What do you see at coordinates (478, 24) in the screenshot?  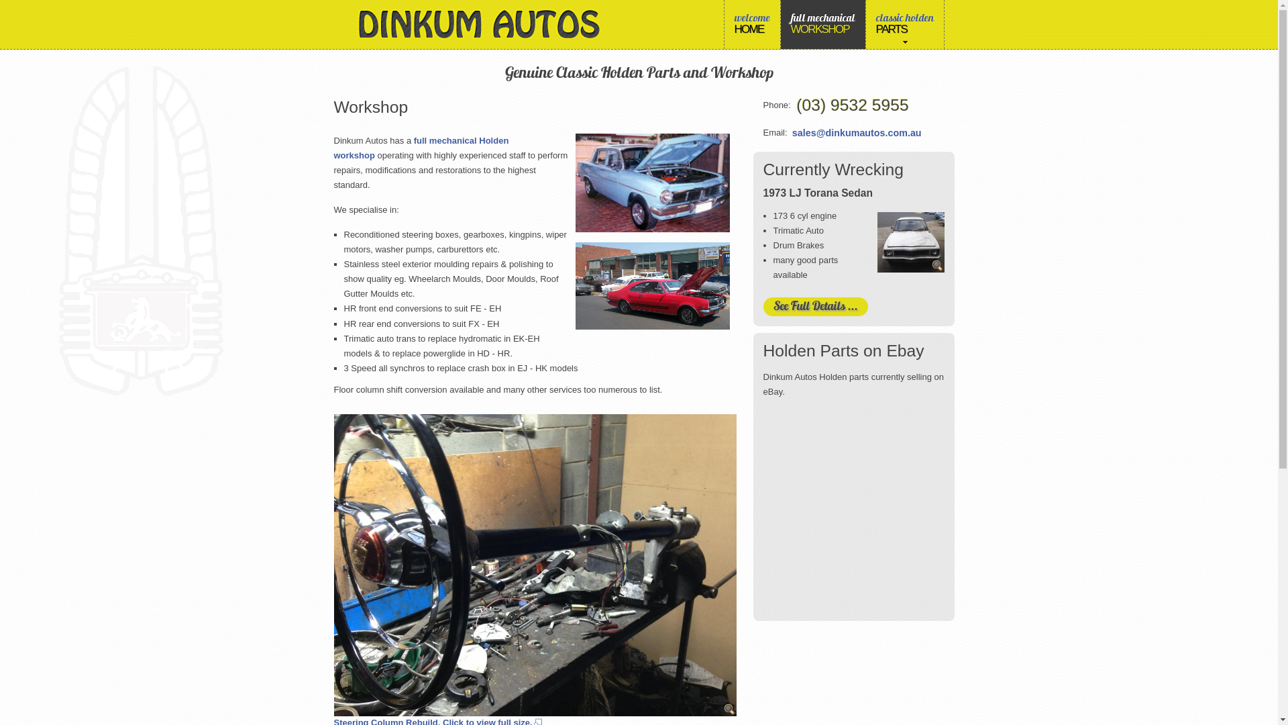 I see `'Dinkum Autos'` at bounding box center [478, 24].